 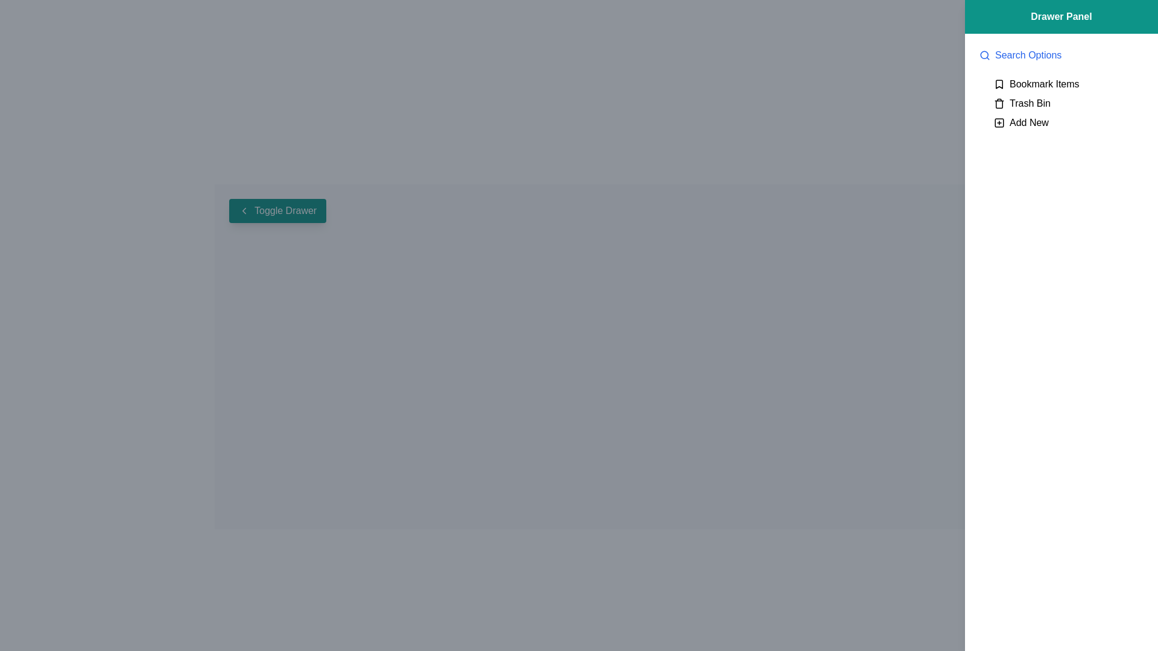 What do you see at coordinates (999, 123) in the screenshot?
I see `the plus icon located immediately to the left of the 'Add New' text label in the Drawer Panel` at bounding box center [999, 123].